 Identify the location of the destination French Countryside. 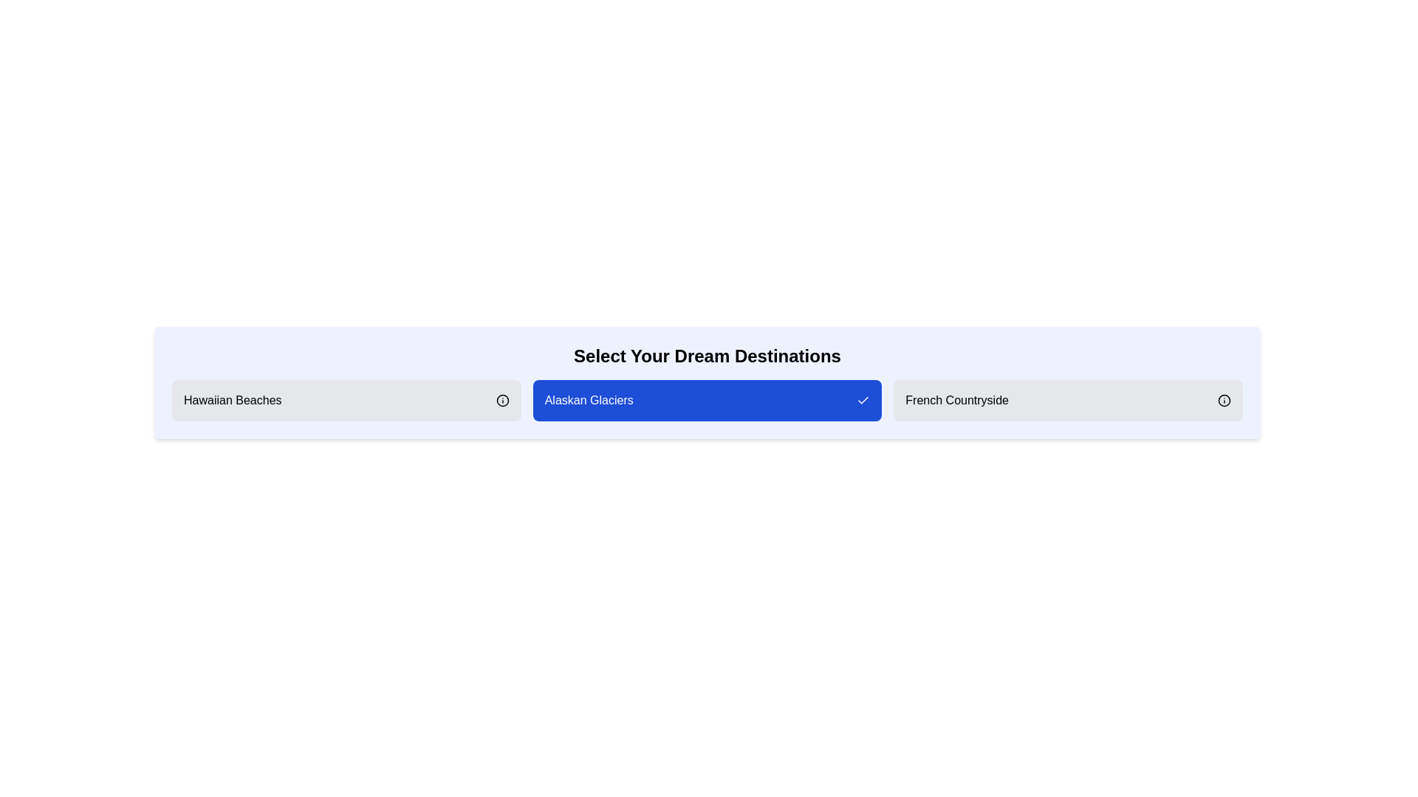
(1067, 401).